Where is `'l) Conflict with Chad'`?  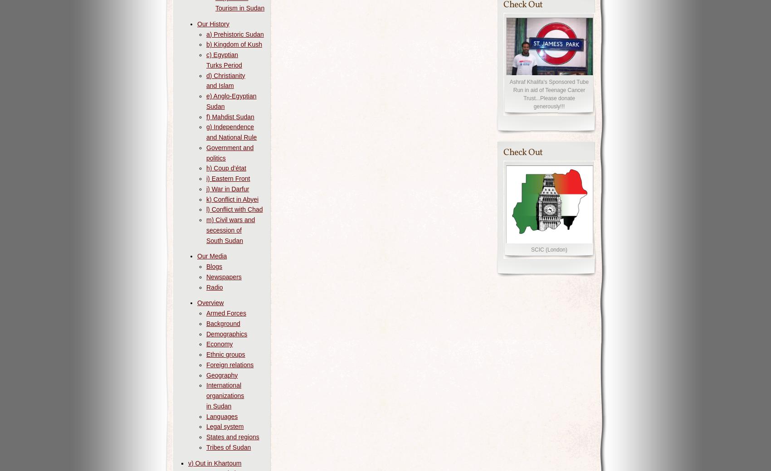 'l) Conflict with Chad' is located at coordinates (206, 209).